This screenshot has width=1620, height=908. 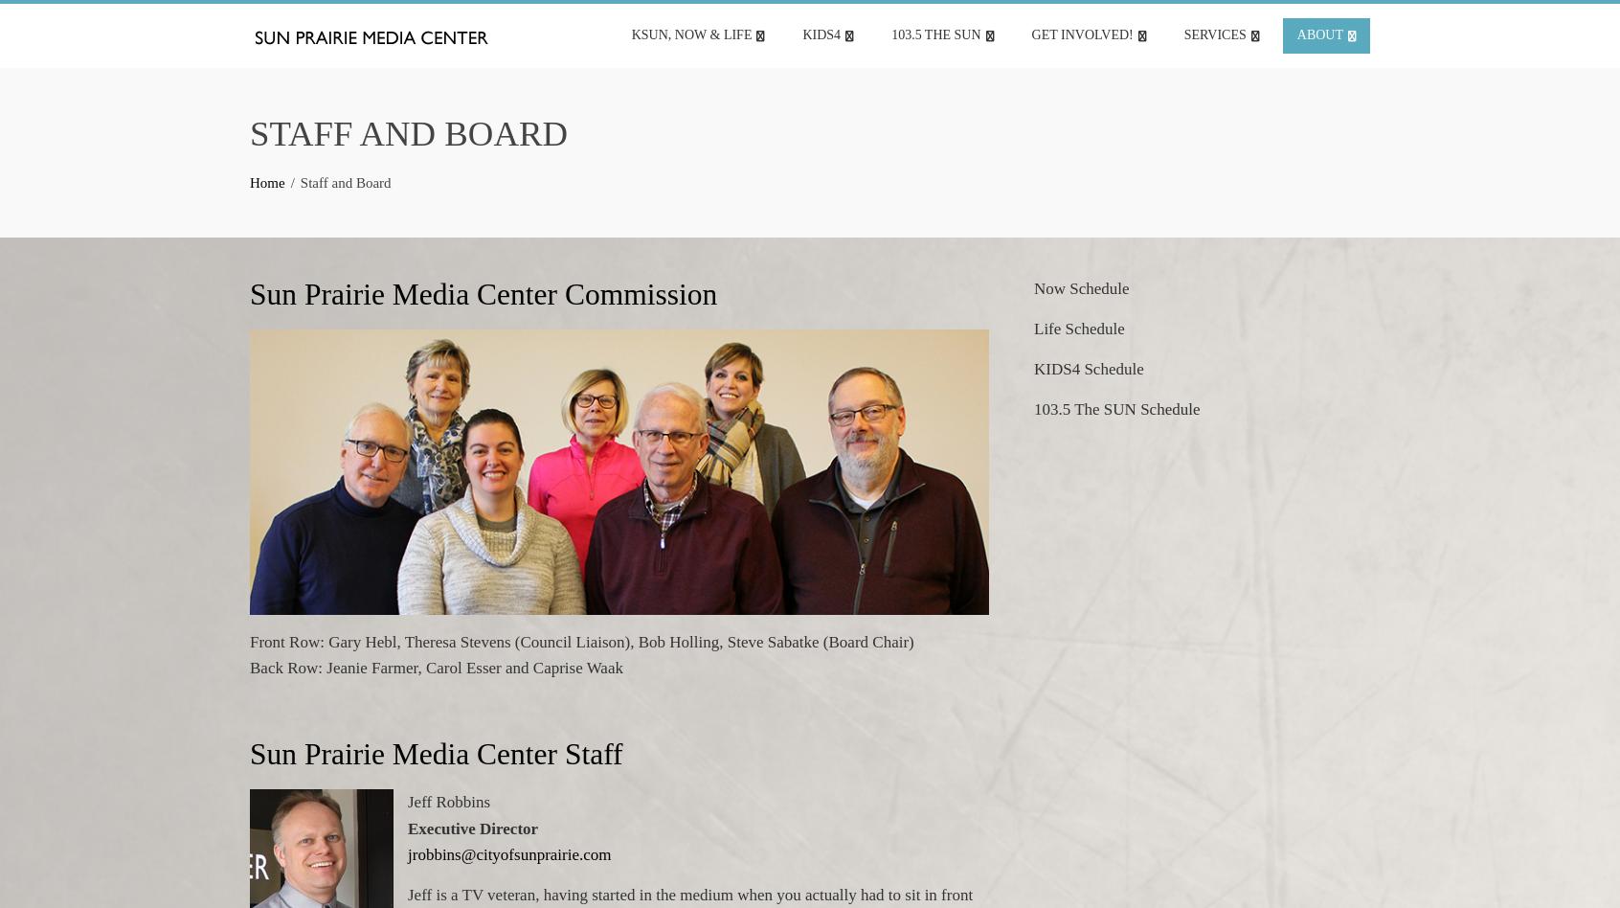 What do you see at coordinates (821, 34) in the screenshot?
I see `'KIDS4'` at bounding box center [821, 34].